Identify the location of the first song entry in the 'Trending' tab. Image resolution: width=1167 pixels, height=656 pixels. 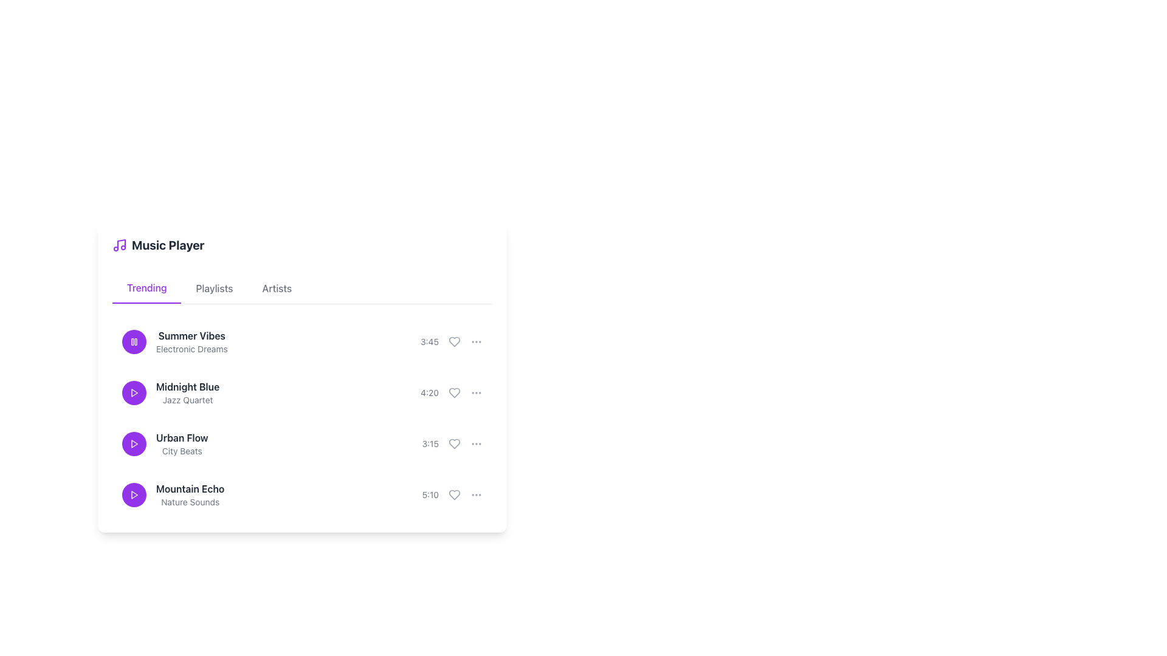
(302, 342).